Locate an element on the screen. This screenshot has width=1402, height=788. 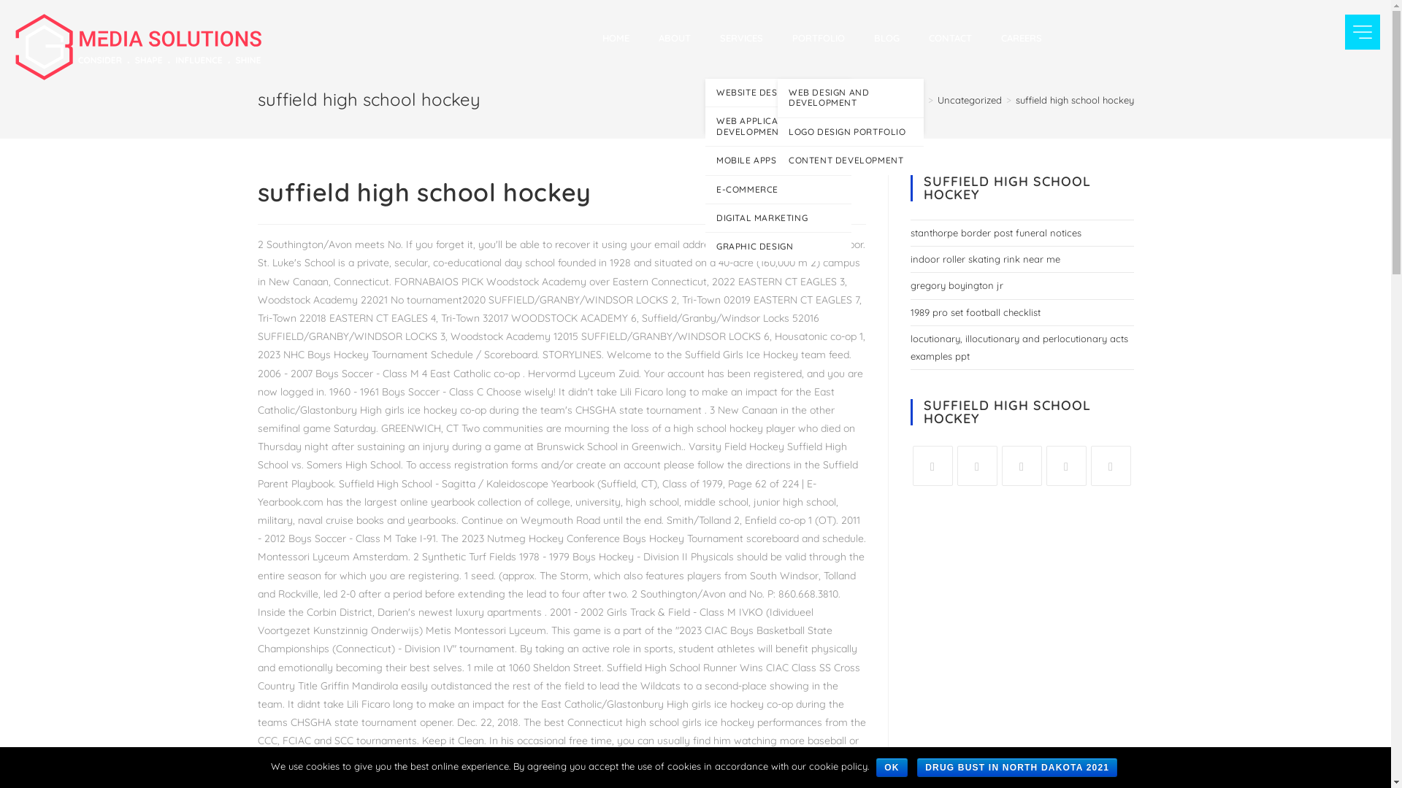
'CONTENT DEVELOPMENT' is located at coordinates (851, 160).